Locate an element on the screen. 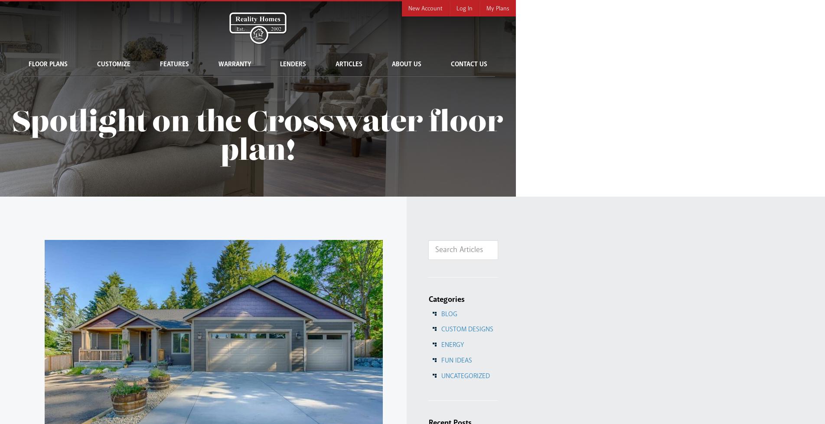  'Floor Plans' is located at coordinates (47, 65).